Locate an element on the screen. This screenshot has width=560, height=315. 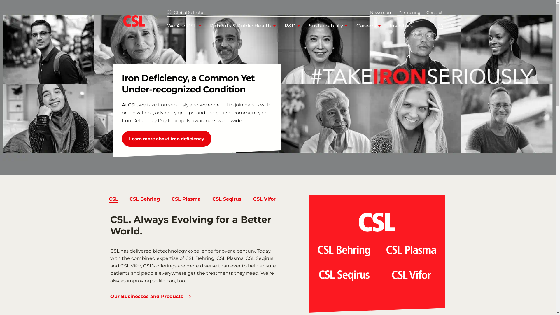
'Patients & Public Health' is located at coordinates (210, 25).